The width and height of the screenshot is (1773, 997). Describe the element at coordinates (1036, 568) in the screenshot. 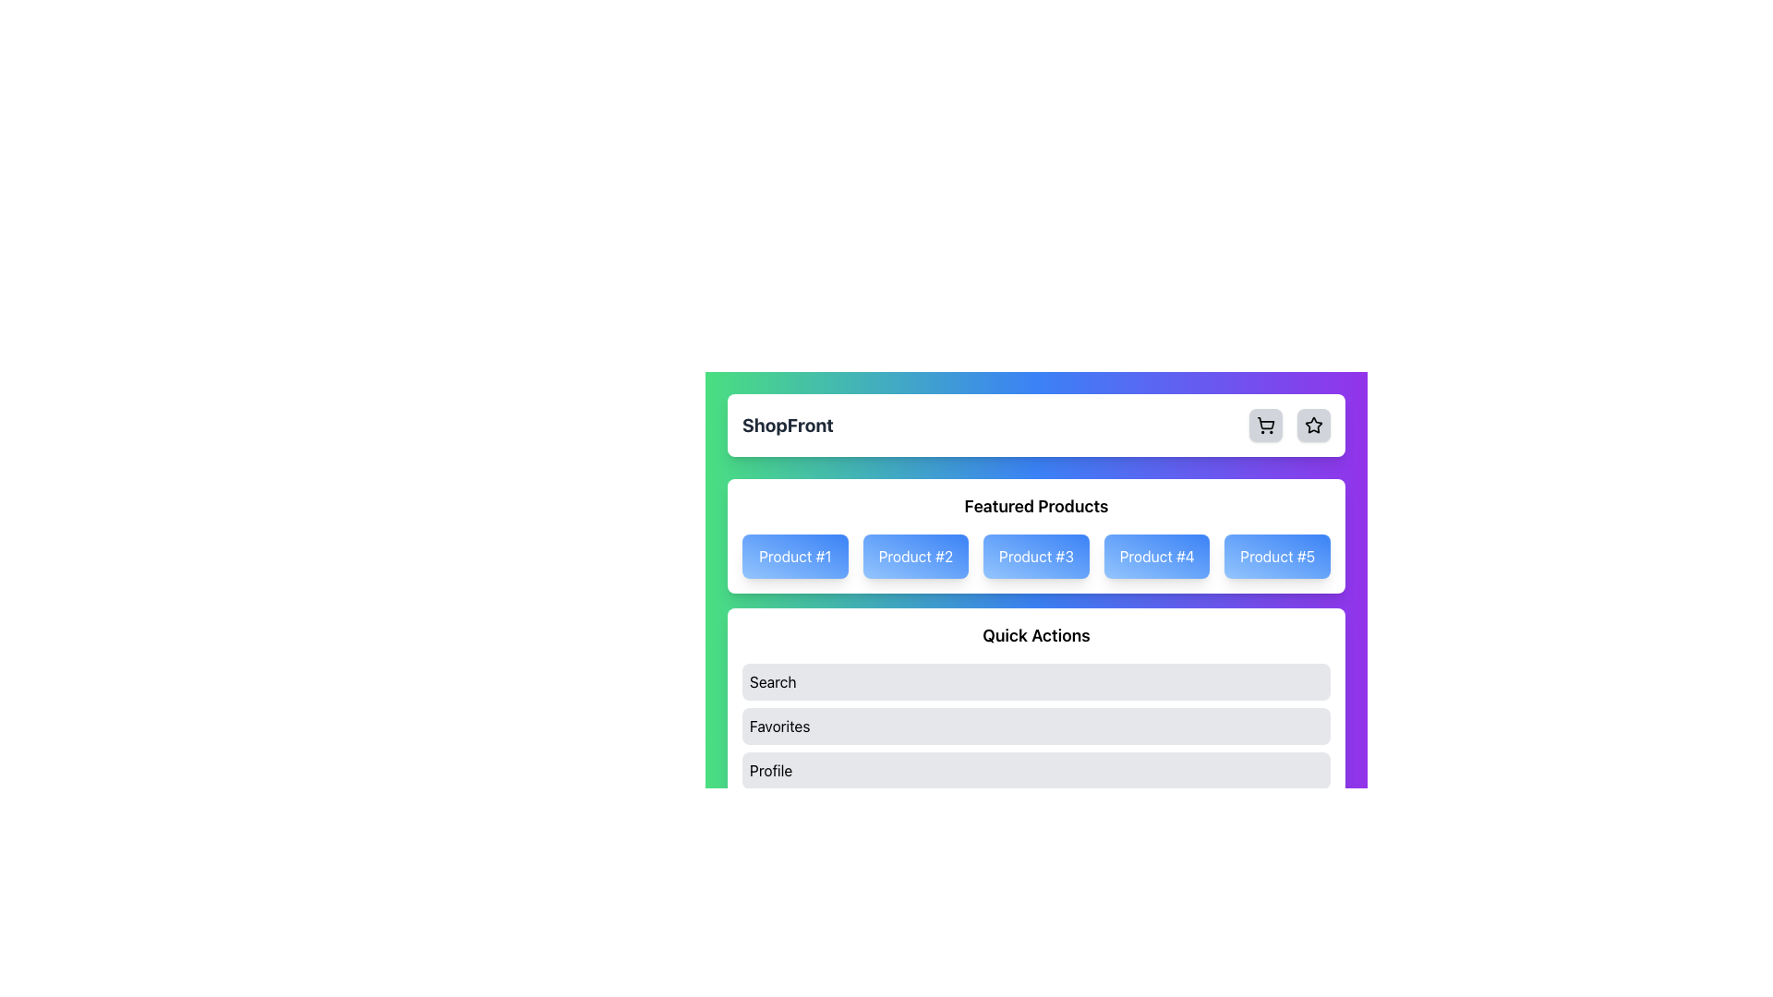

I see `the button labeled 'Product #3' with a gradient background and white bold text` at that location.